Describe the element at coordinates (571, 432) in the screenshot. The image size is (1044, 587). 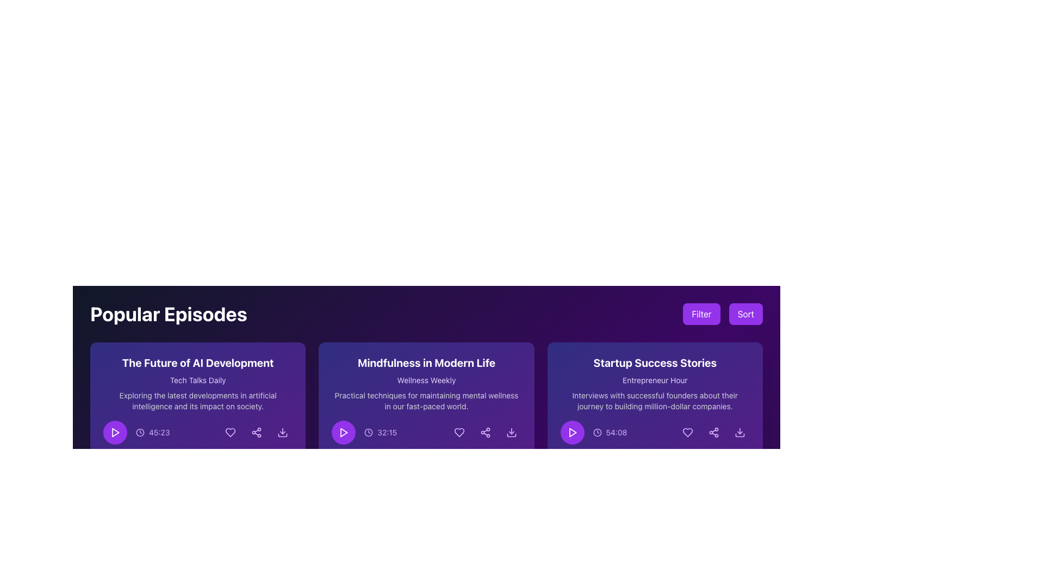
I see `the circular button with a purple background containing a white play icon, located in the 'Startup Success Stories' card` at that location.